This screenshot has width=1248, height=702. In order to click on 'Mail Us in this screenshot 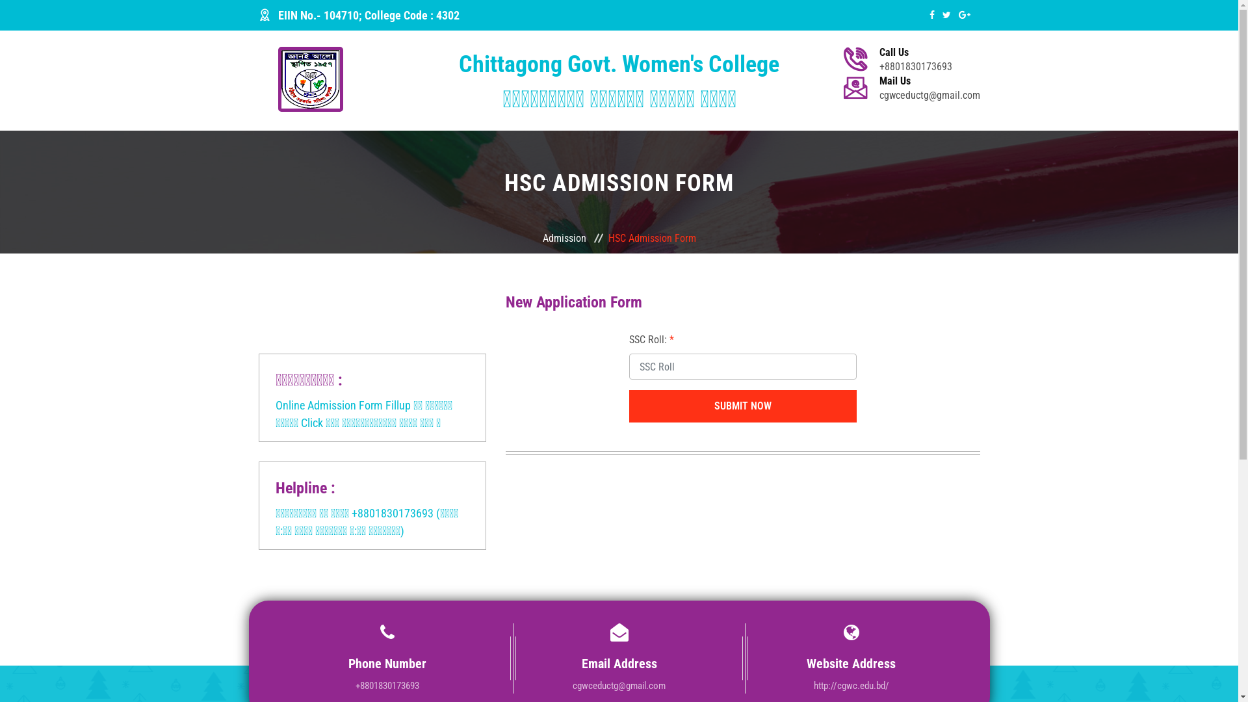, I will do `click(928, 88)`.